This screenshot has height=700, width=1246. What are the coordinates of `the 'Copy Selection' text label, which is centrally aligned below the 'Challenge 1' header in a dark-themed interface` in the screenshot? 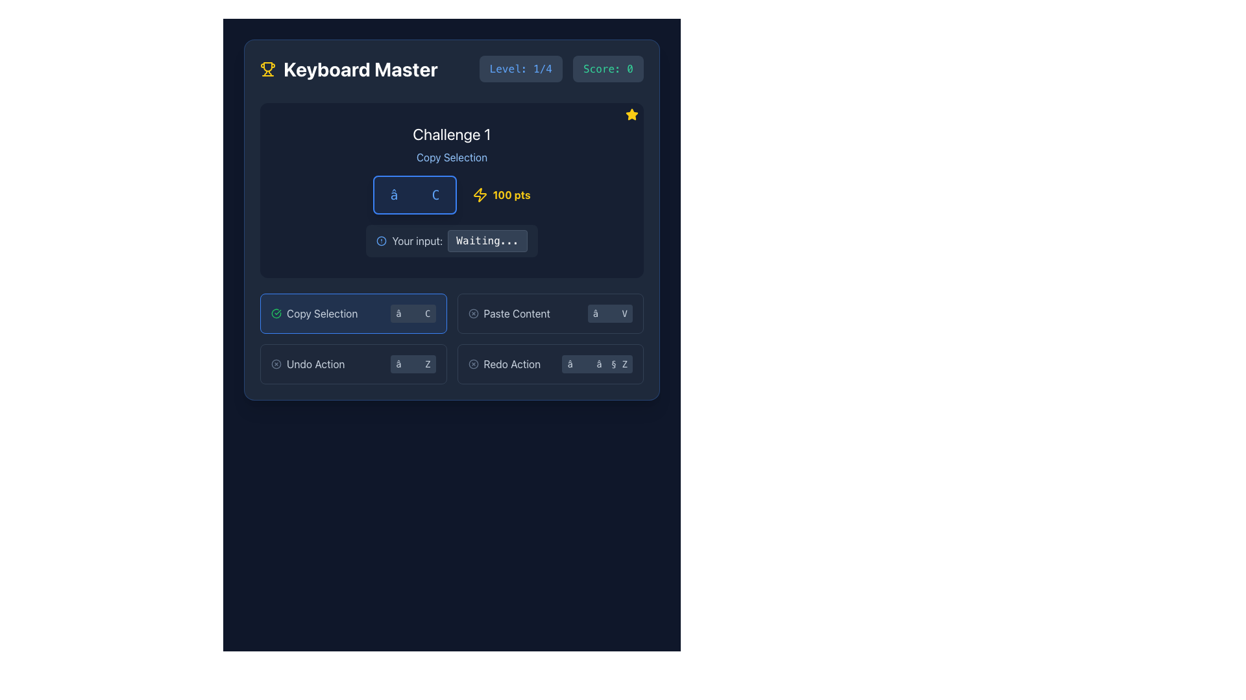 It's located at (452, 157).